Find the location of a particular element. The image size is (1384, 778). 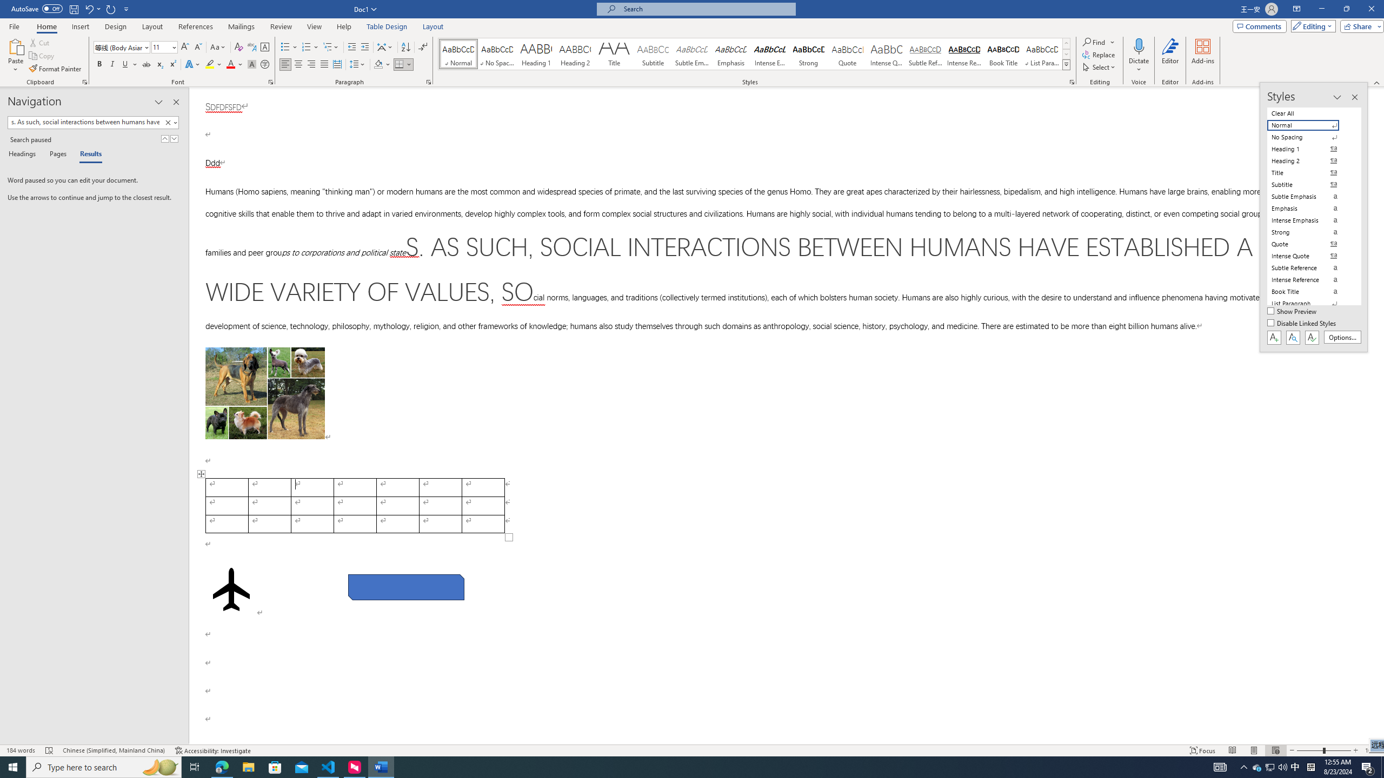

'Zoom' is located at coordinates (1323, 750).